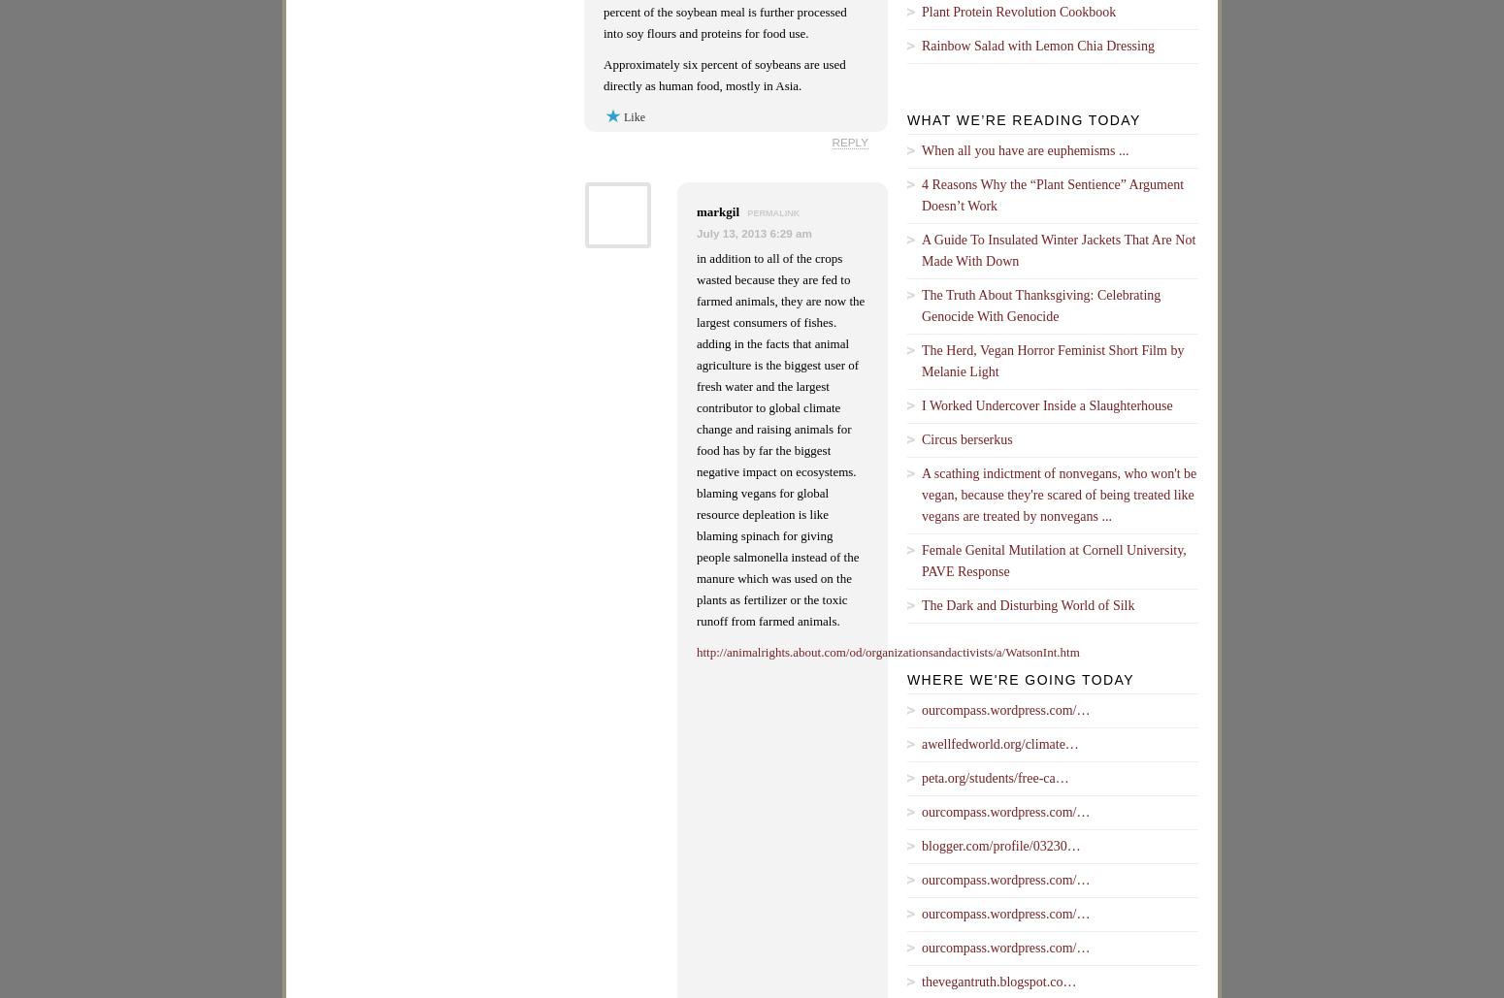 The height and width of the screenshot is (998, 1504). What do you see at coordinates (1053, 359) in the screenshot?
I see `'The Herd, Vegan Horror Feminist Short Film by Melanie Light'` at bounding box center [1053, 359].